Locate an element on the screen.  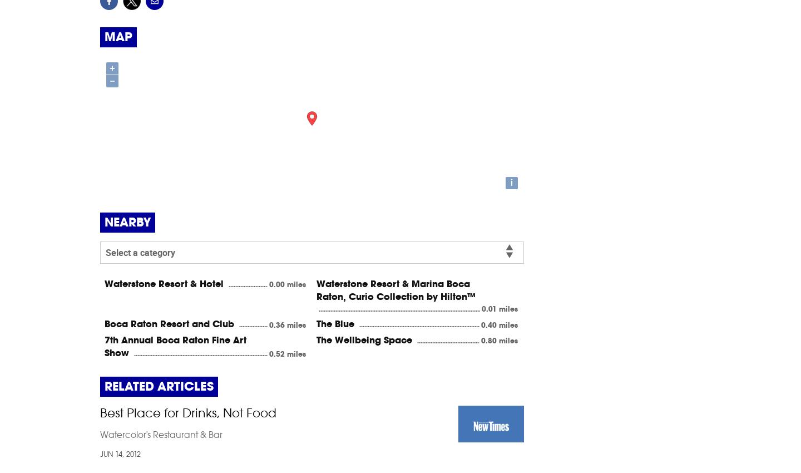
'Related Articles' is located at coordinates (105, 386).